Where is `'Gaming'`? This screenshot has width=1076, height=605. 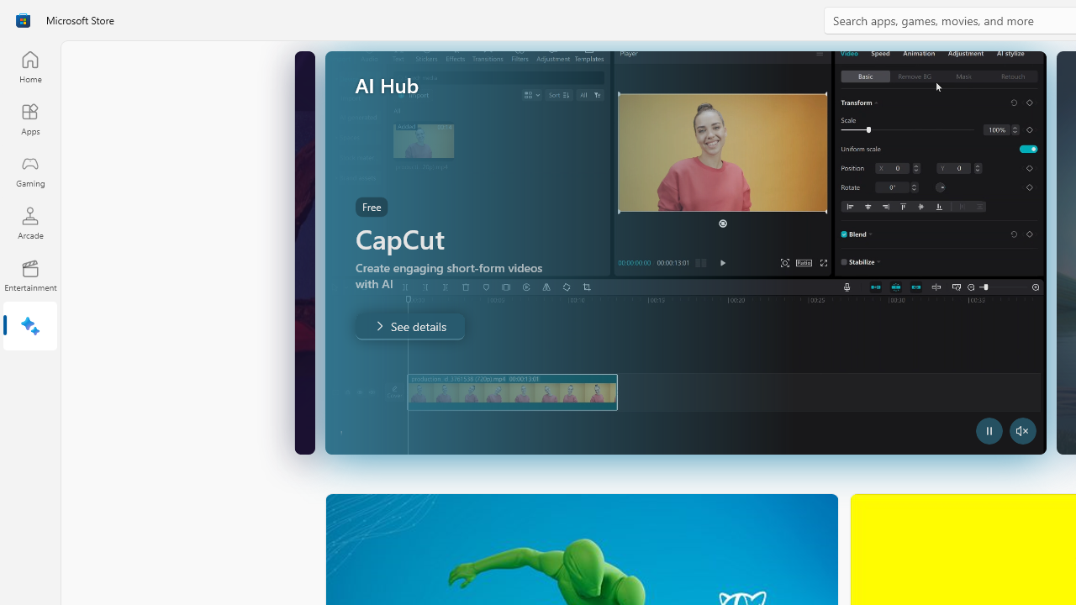
'Gaming' is located at coordinates (29, 171).